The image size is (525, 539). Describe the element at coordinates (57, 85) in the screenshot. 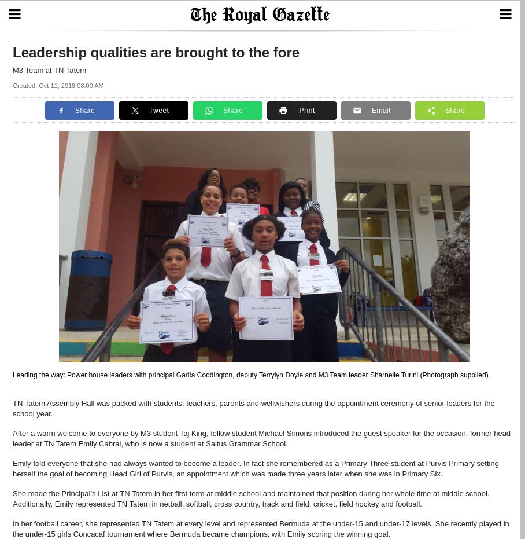

I see `'Created: Oct 11, 2018 08:00 AM'` at that location.